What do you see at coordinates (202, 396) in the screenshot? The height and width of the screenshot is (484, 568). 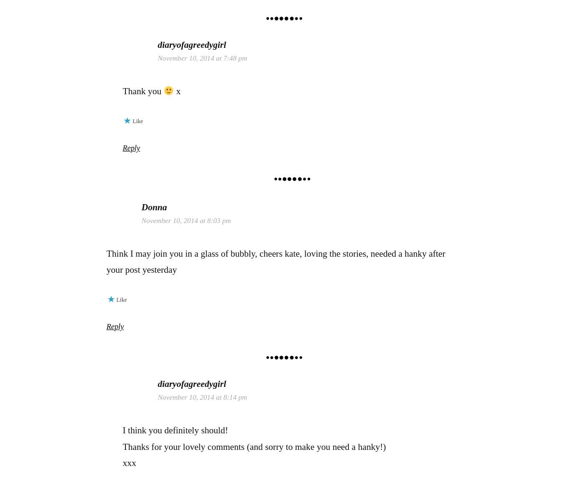 I see `'November 10, 2014 at 8:14 pm'` at bounding box center [202, 396].